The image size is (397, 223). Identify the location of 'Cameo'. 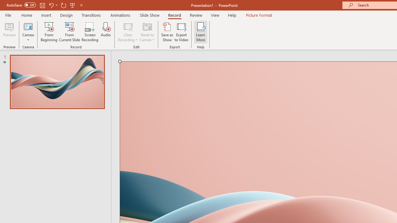
(28, 32).